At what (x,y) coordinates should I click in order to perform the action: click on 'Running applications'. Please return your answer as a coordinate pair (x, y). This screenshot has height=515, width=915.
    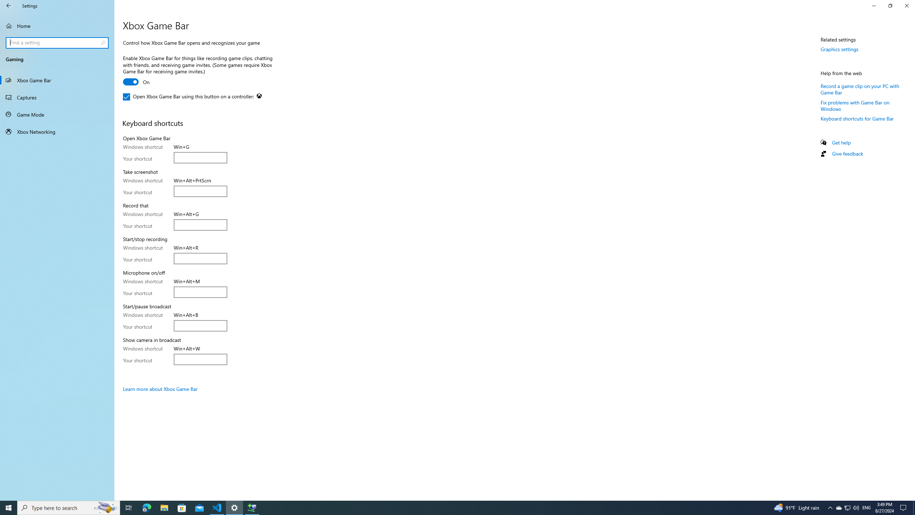
    Looking at the image, I should click on (444, 507).